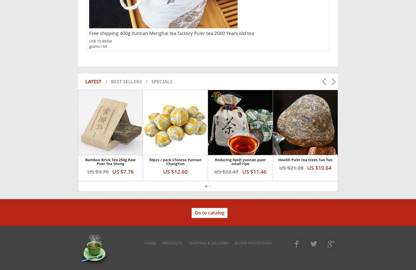 This screenshot has height=270, width=416. I want to click on 'Buyer Protection', so click(253, 242).